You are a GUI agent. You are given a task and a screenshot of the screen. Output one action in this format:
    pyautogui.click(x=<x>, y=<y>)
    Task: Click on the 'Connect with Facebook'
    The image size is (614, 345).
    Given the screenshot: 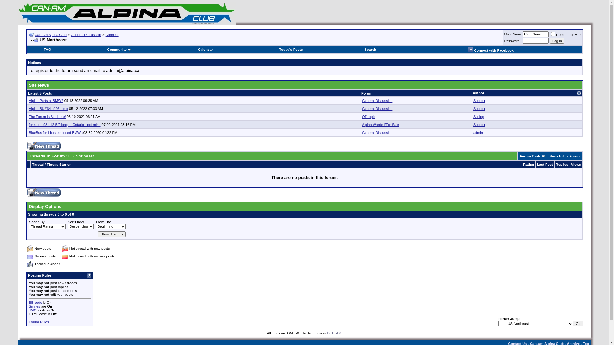 What is the action you would take?
    pyautogui.click(x=490, y=50)
    